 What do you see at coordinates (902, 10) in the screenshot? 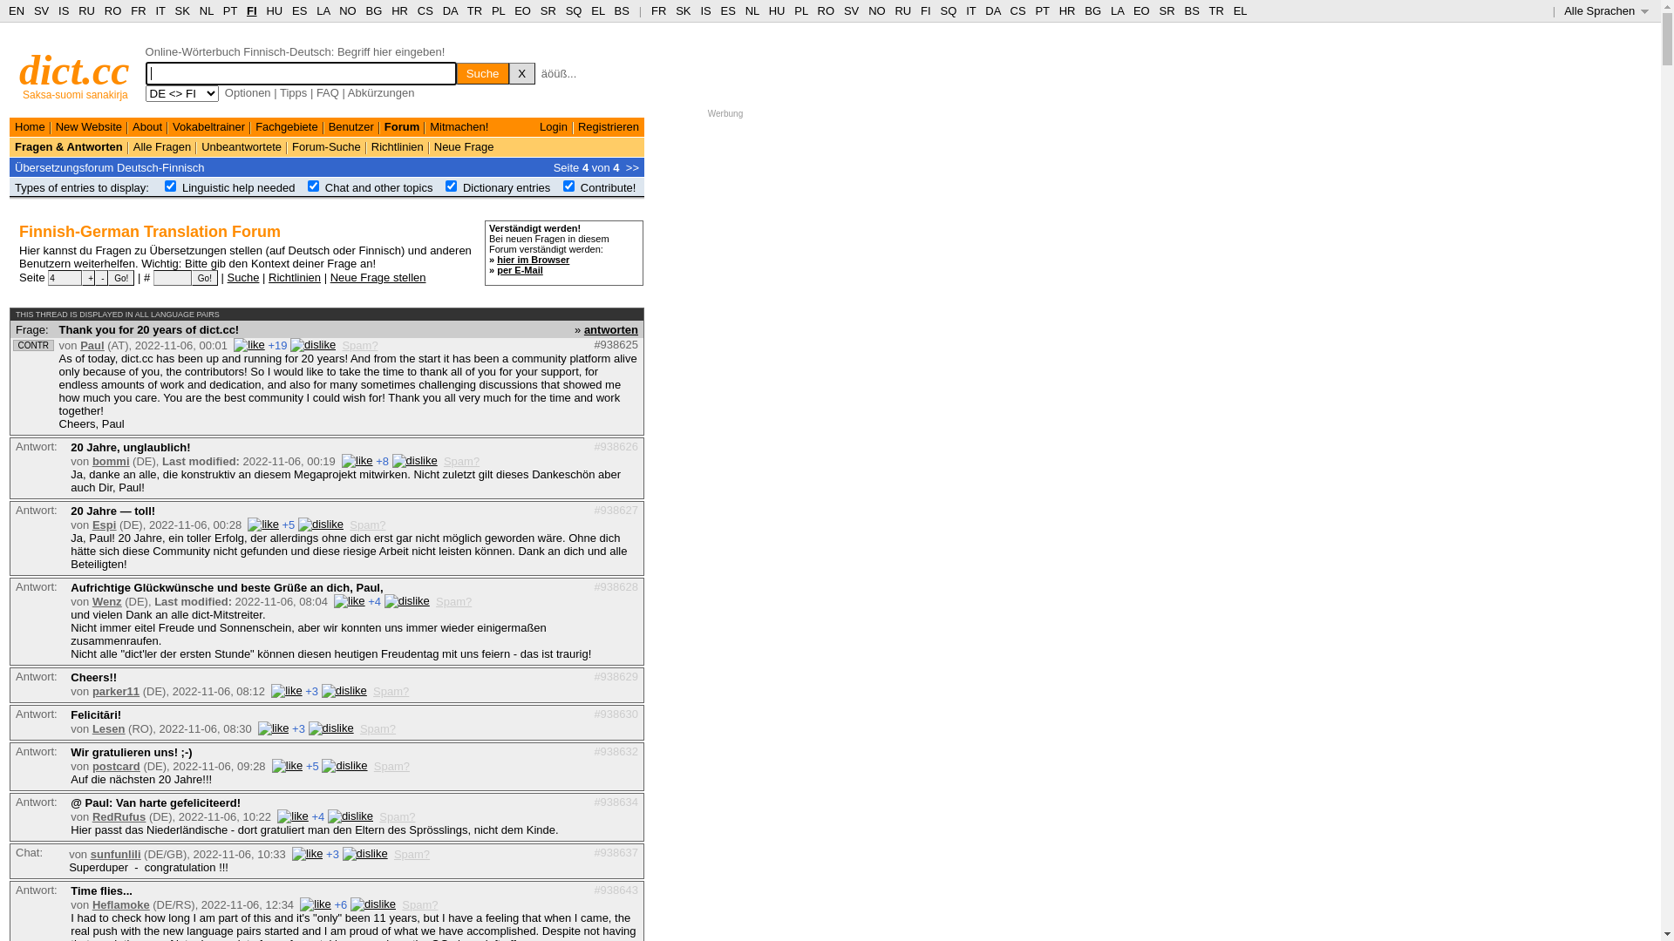
I see `'RU'` at bounding box center [902, 10].